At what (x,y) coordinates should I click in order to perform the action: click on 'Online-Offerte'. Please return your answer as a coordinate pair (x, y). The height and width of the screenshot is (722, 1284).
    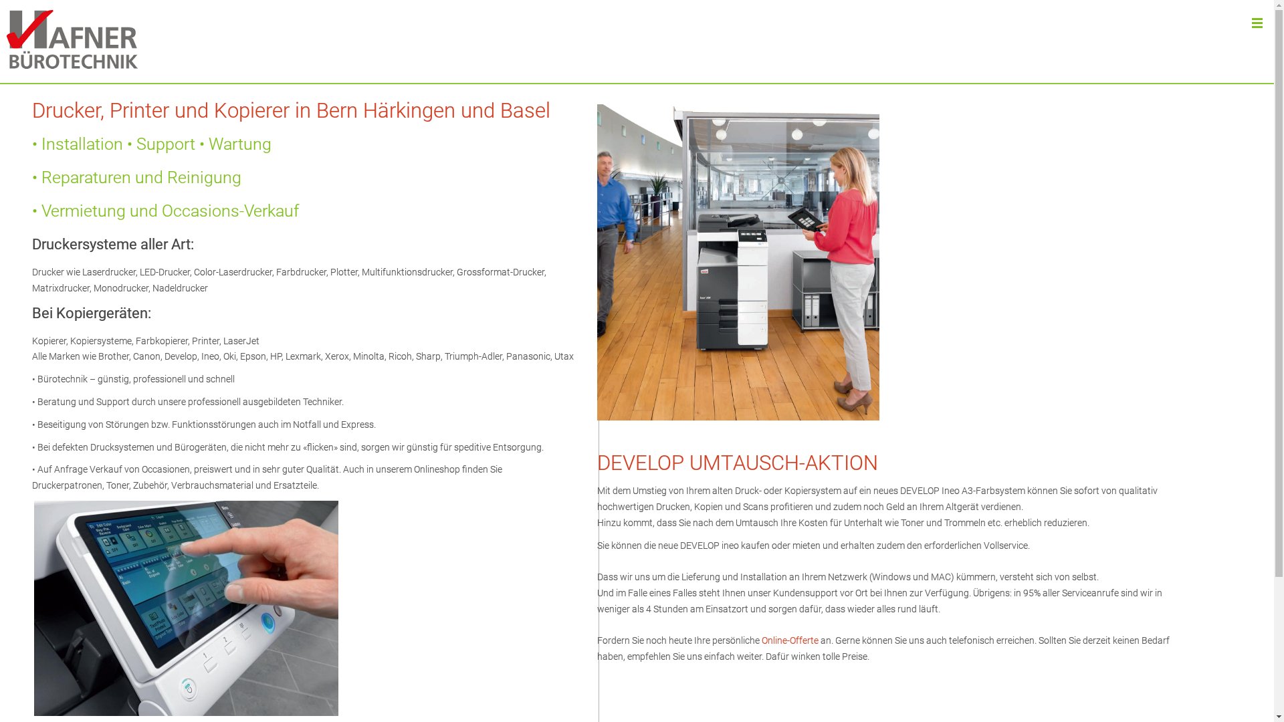
    Looking at the image, I should click on (790, 639).